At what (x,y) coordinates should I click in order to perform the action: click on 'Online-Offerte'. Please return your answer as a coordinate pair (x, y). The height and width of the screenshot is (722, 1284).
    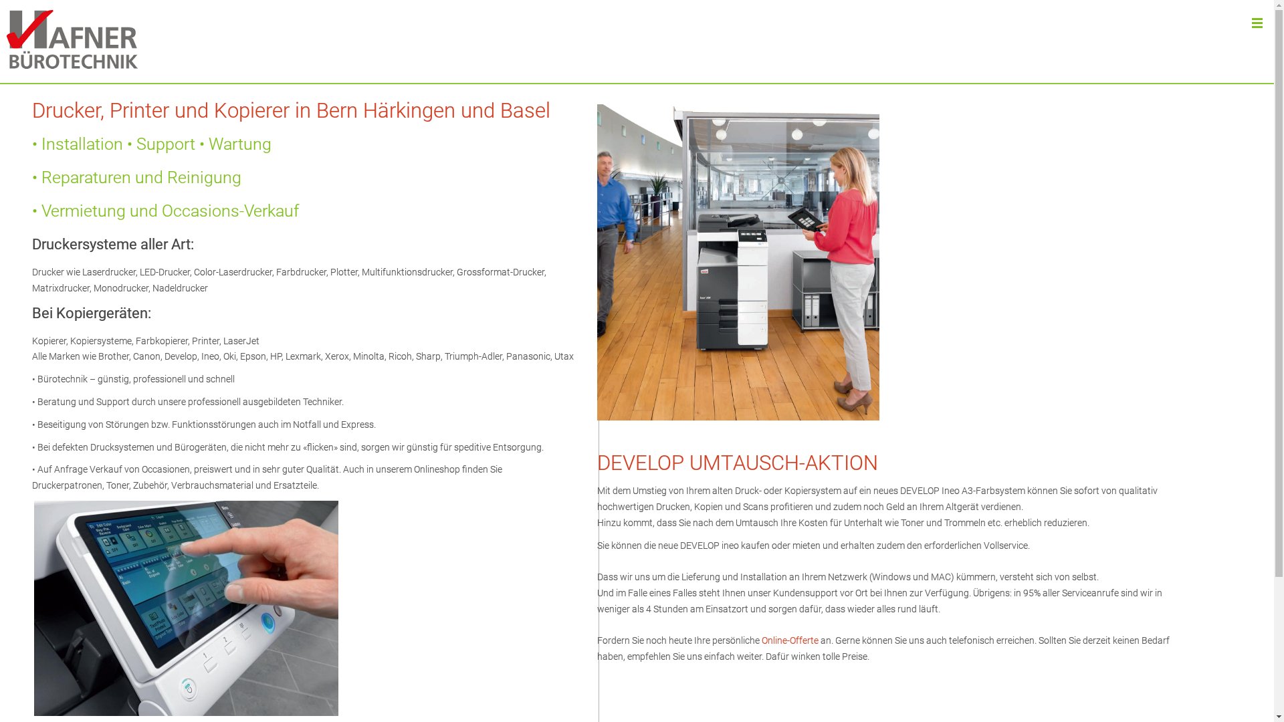
    Looking at the image, I should click on (790, 639).